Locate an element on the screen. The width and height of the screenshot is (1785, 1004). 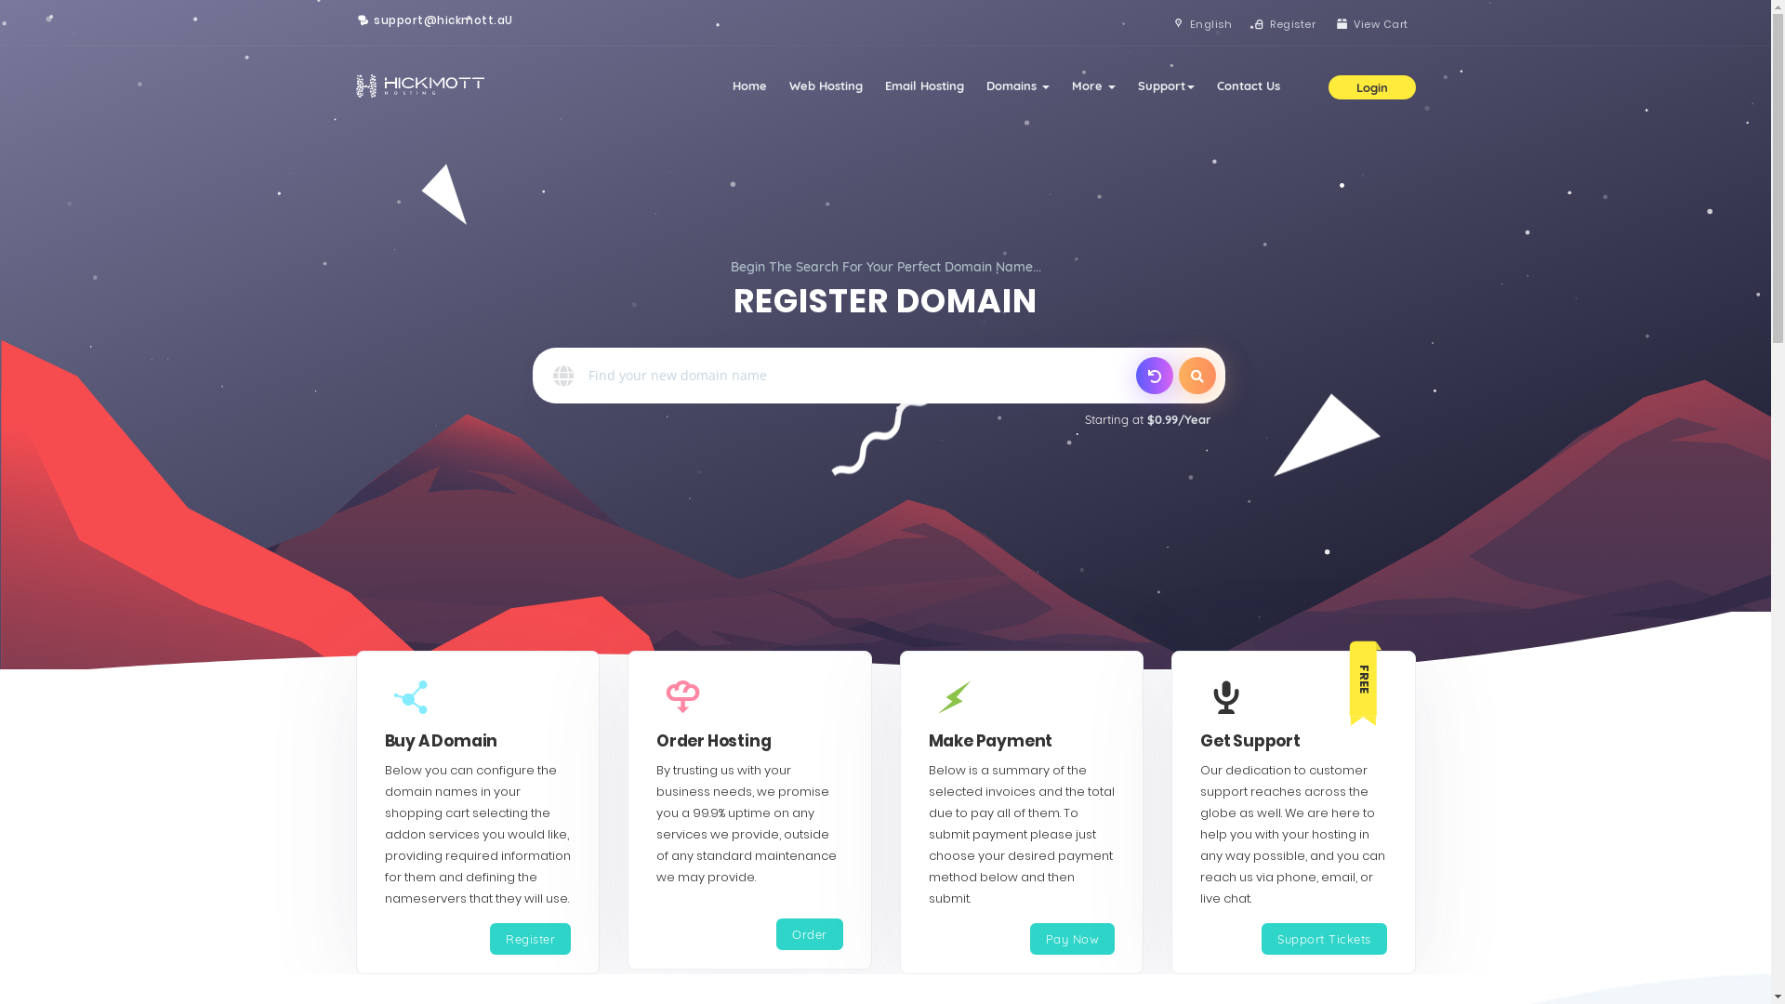
'Search' is located at coordinates (1197, 376).